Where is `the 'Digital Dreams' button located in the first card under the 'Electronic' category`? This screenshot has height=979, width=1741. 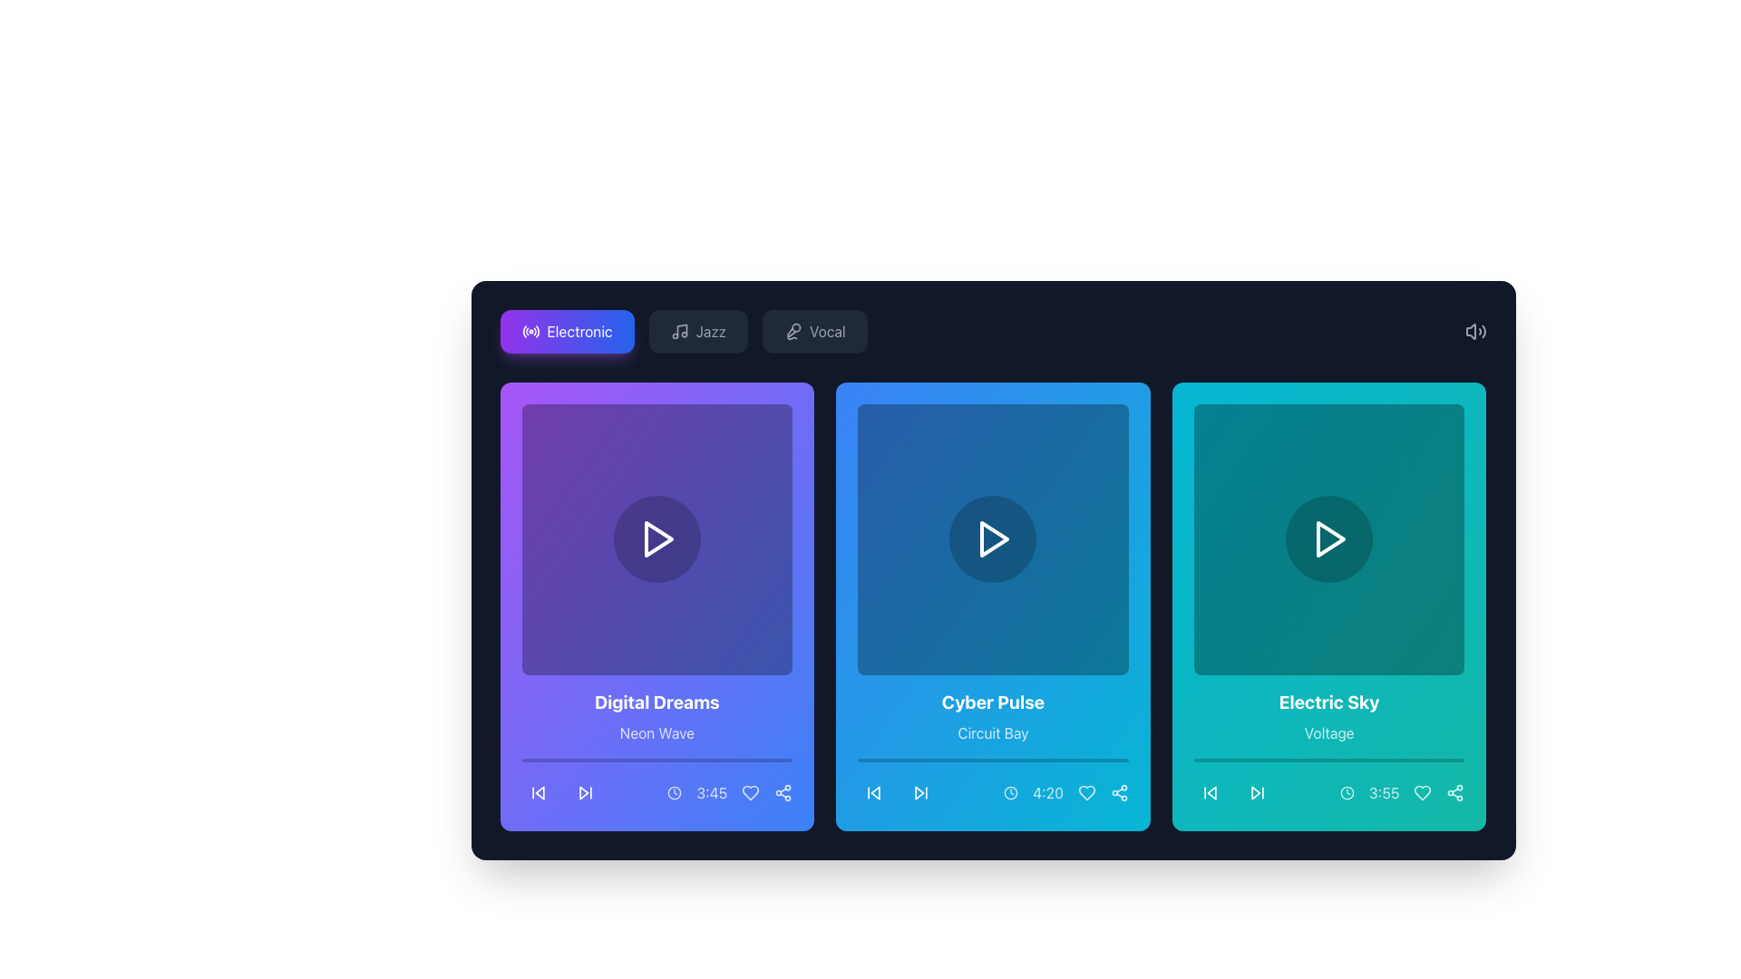
the 'Digital Dreams' button located in the first card under the 'Electronic' category is located at coordinates (656, 538).